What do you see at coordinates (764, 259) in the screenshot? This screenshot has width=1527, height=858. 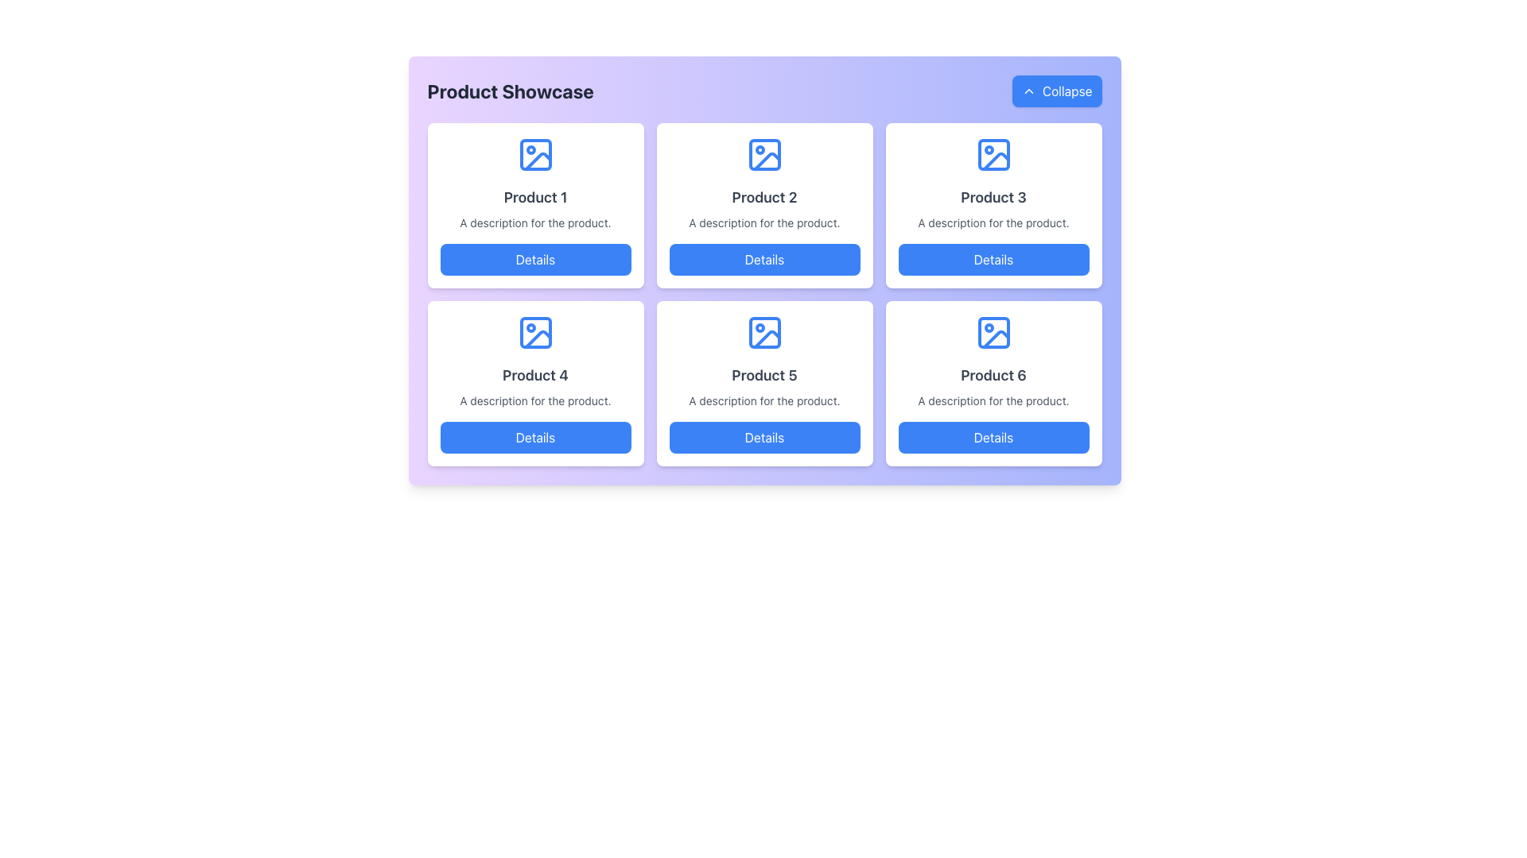 I see `the 'Details' button, which has a white text label on a blue background, to fetch more information about the product` at bounding box center [764, 259].